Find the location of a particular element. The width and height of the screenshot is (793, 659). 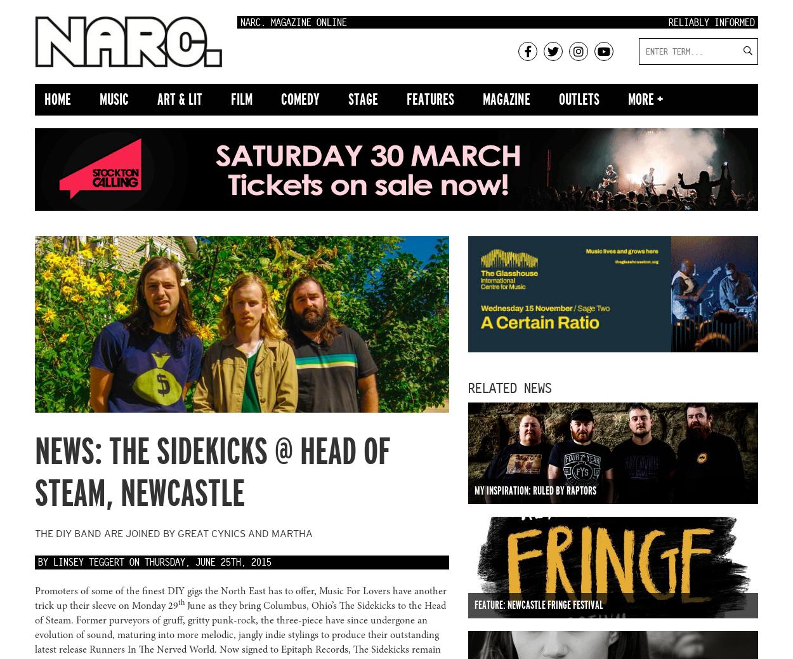

'Art & Lit' is located at coordinates (180, 98).